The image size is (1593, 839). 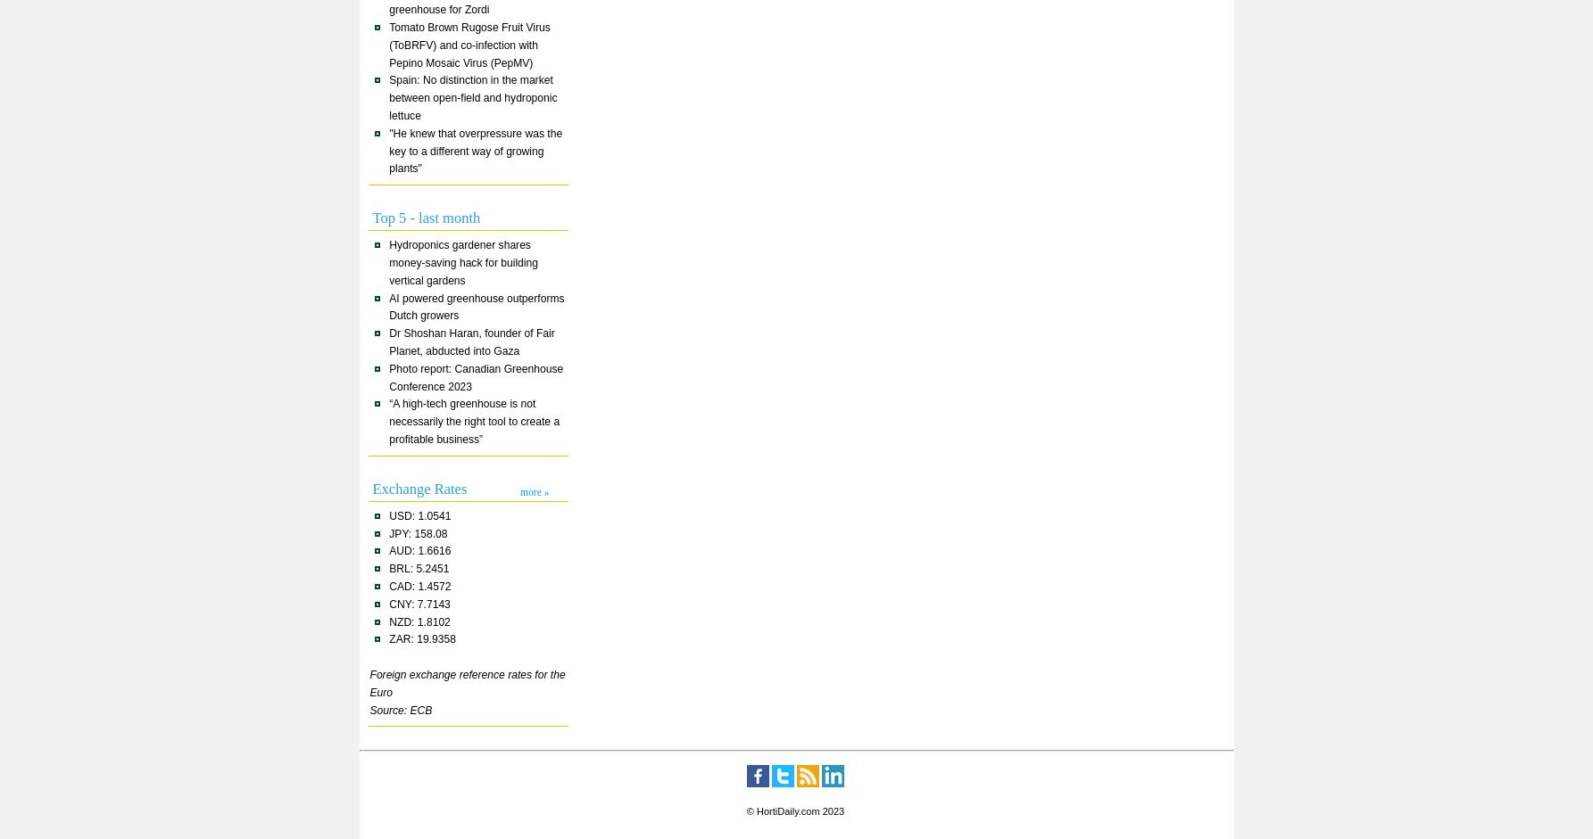 I want to click on 'Spain: No distinction in the market between open-field and hydroponic lettuce', so click(x=472, y=98).